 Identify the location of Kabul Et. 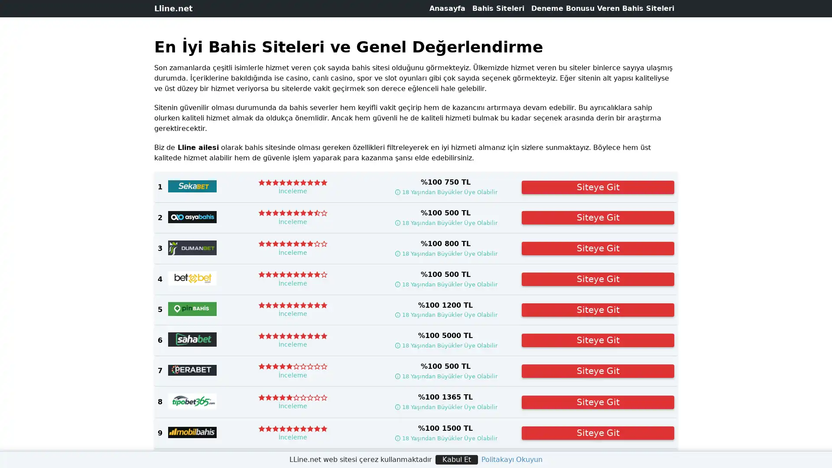
(456, 459).